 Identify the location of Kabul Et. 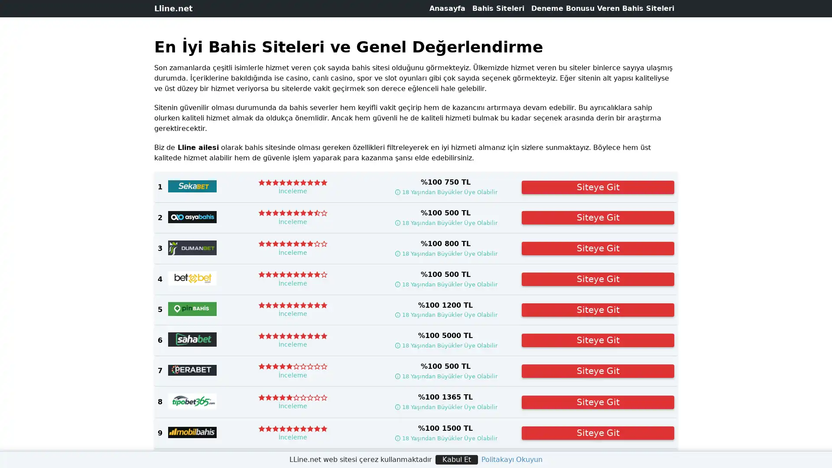
(456, 459).